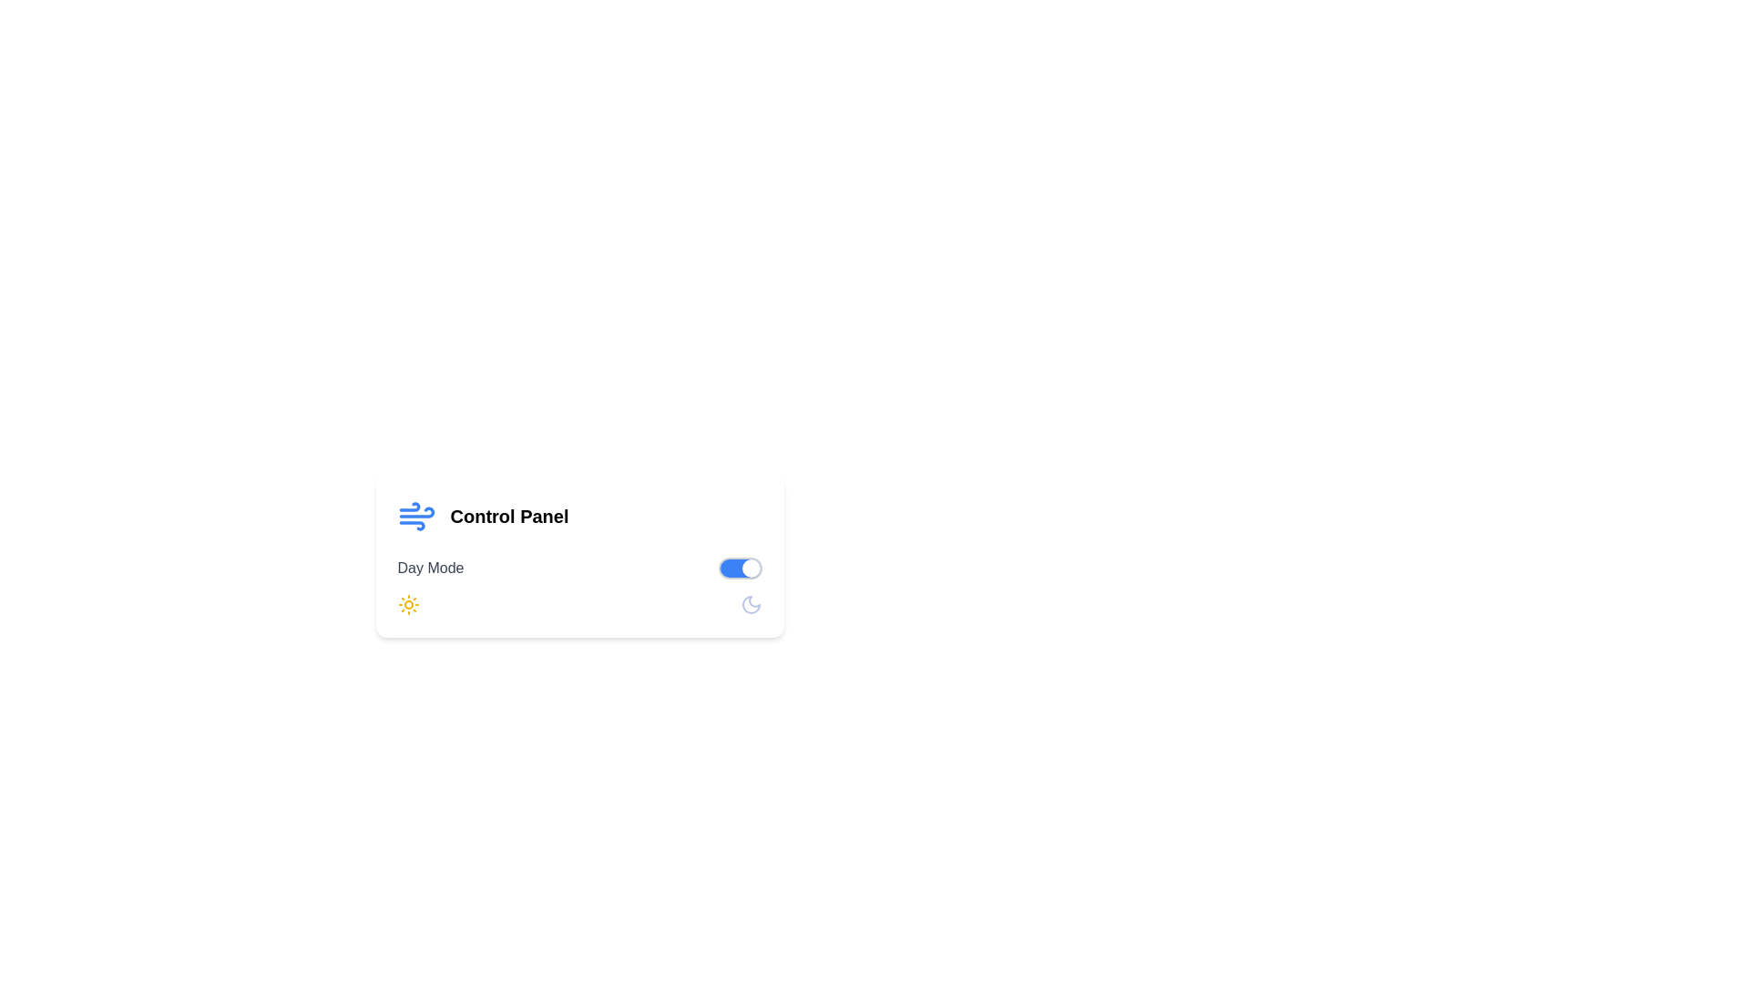 The image size is (1749, 984). What do you see at coordinates (429, 568) in the screenshot?
I see `the 'Day Mode' text label, which is styled with gray color and medium font weight, positioned to the left of a blue toggle switch in a control panel section` at bounding box center [429, 568].